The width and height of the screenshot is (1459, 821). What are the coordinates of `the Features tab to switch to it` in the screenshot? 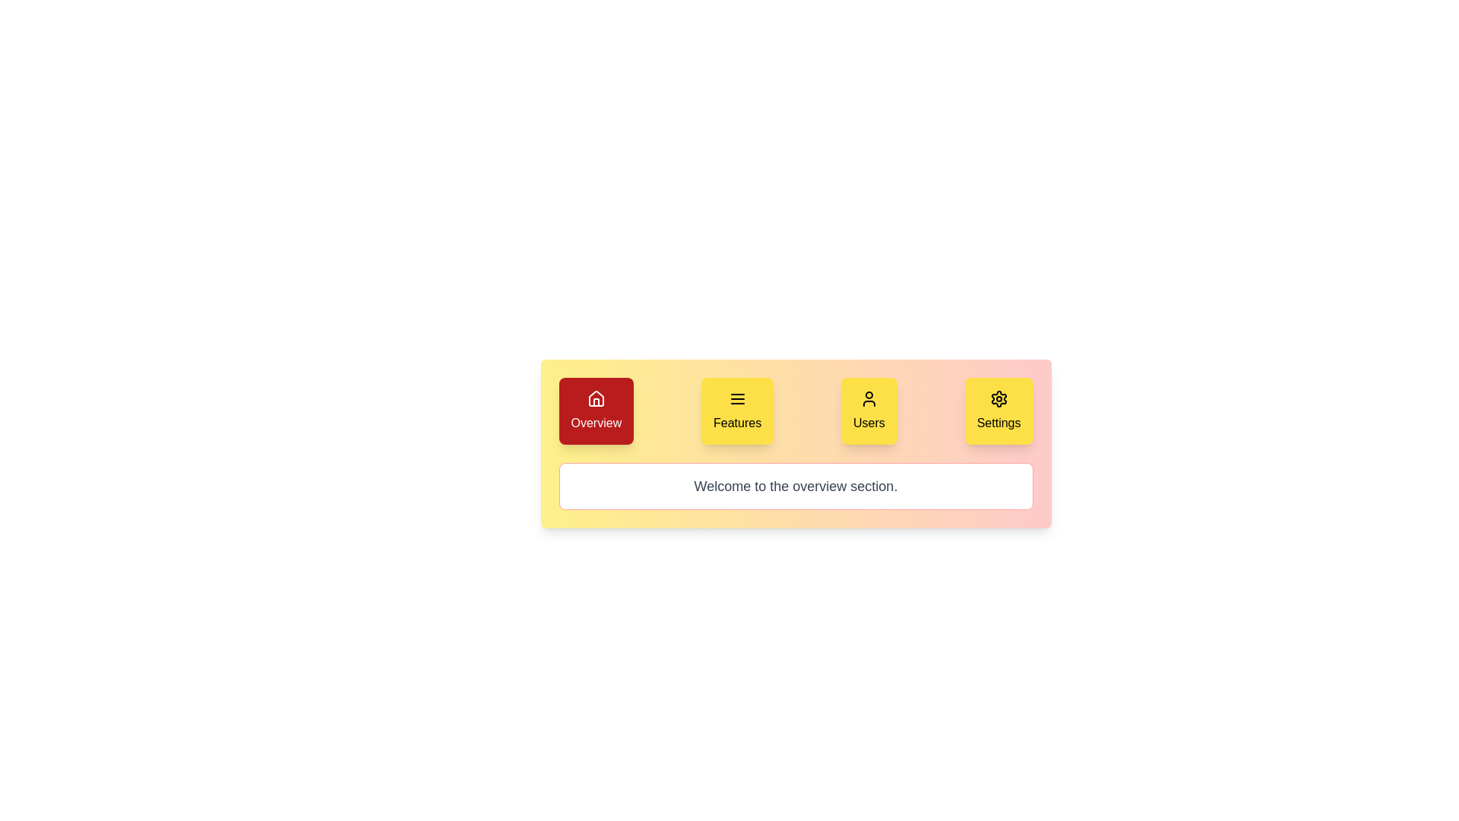 It's located at (737, 410).